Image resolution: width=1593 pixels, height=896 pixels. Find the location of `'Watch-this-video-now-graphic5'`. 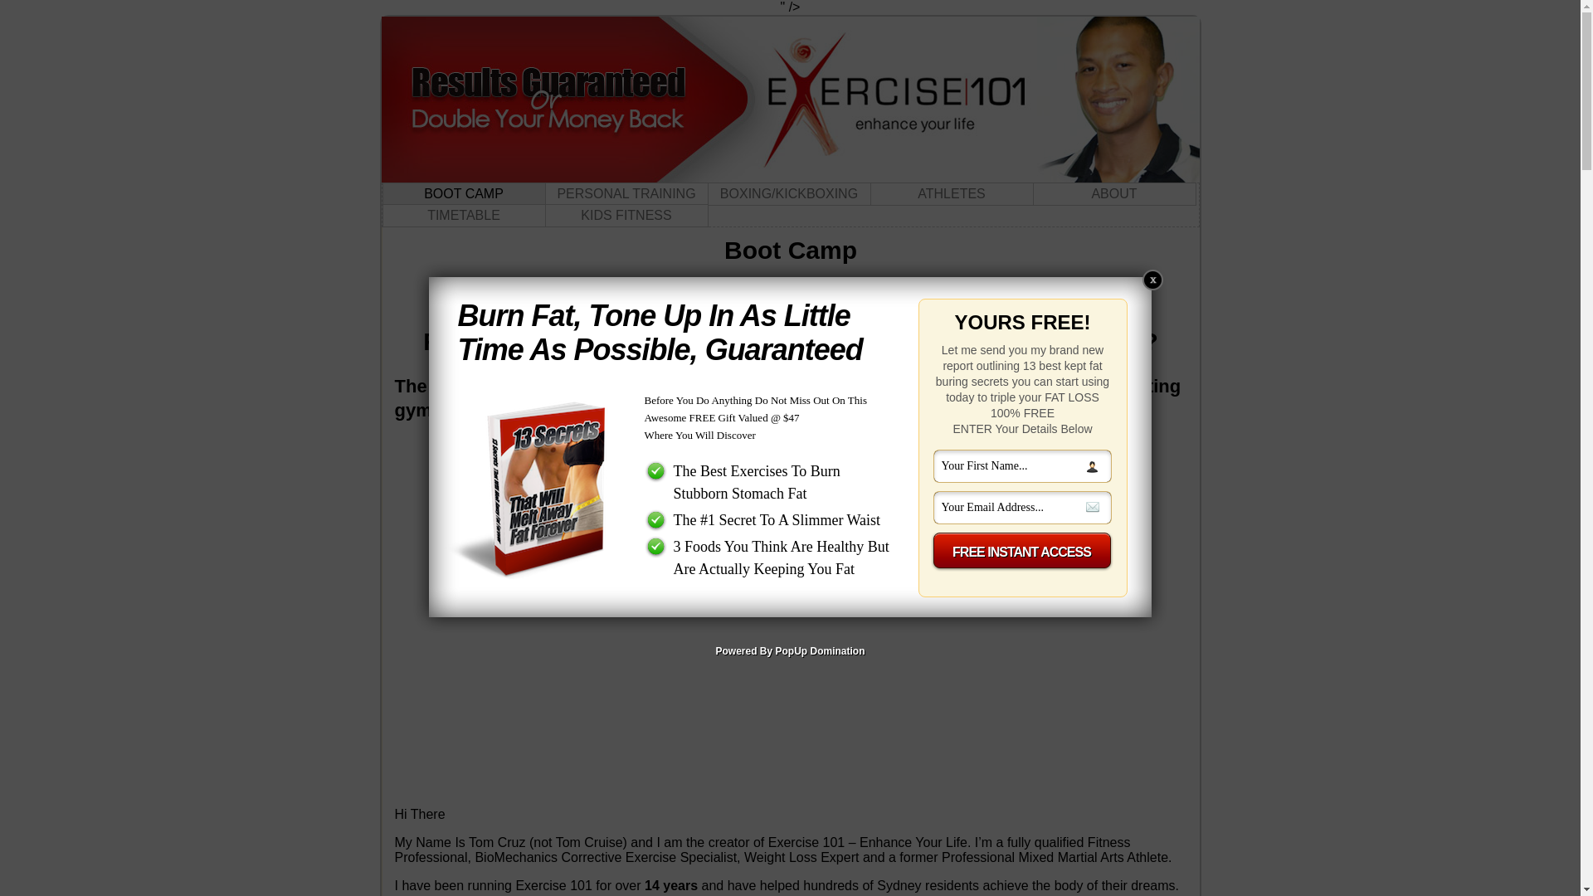

'Watch-this-video-now-graphic5' is located at coordinates (790, 480).